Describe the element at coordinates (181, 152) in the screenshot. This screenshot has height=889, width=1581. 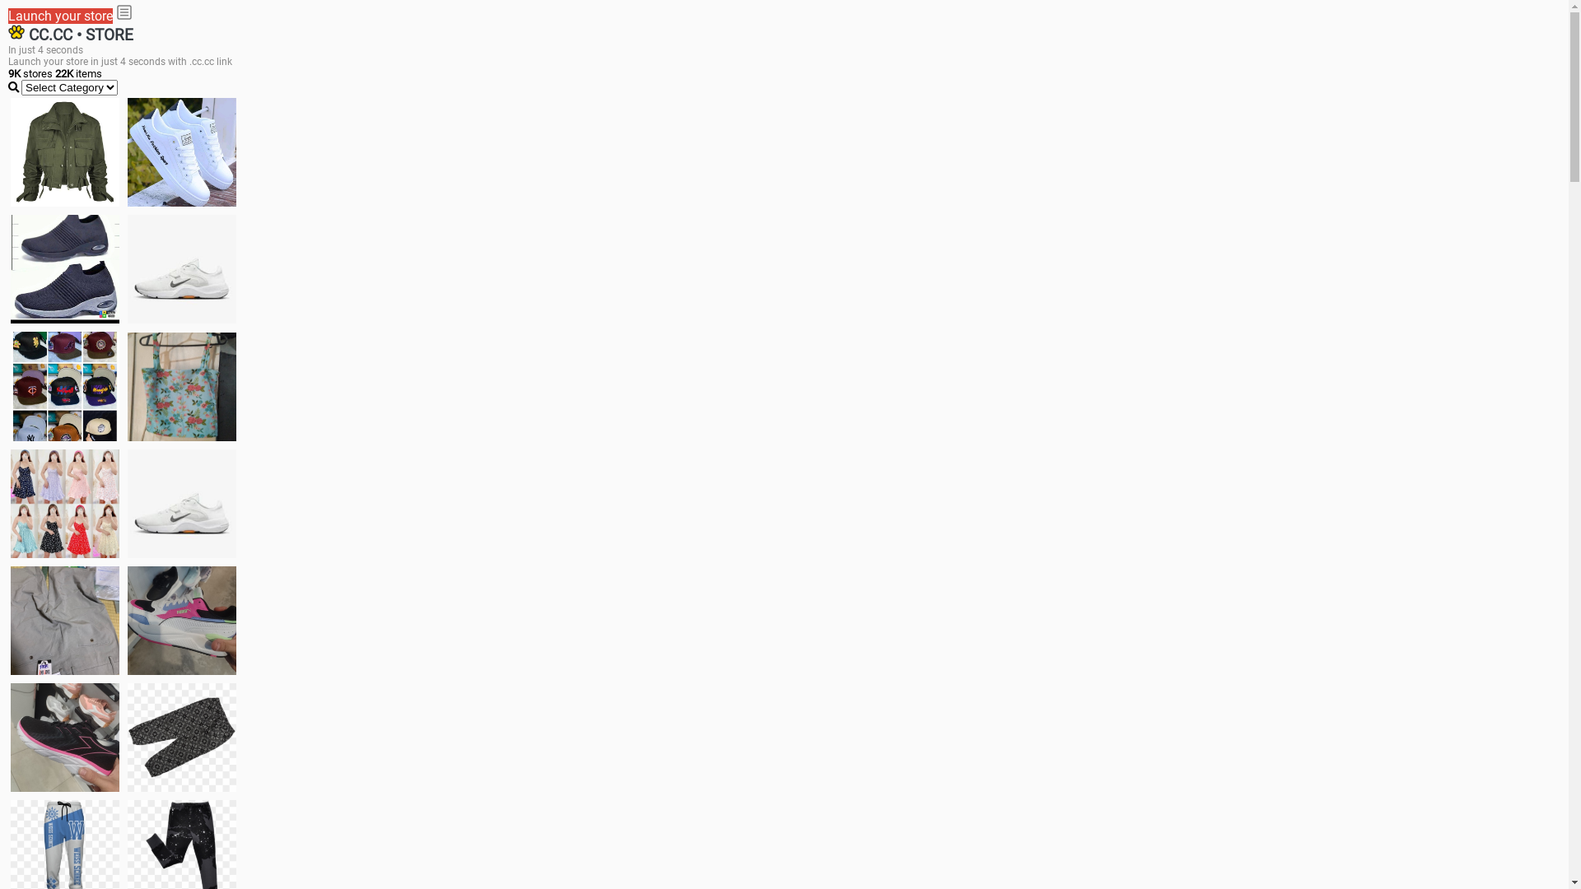
I see `'white shoes'` at that location.